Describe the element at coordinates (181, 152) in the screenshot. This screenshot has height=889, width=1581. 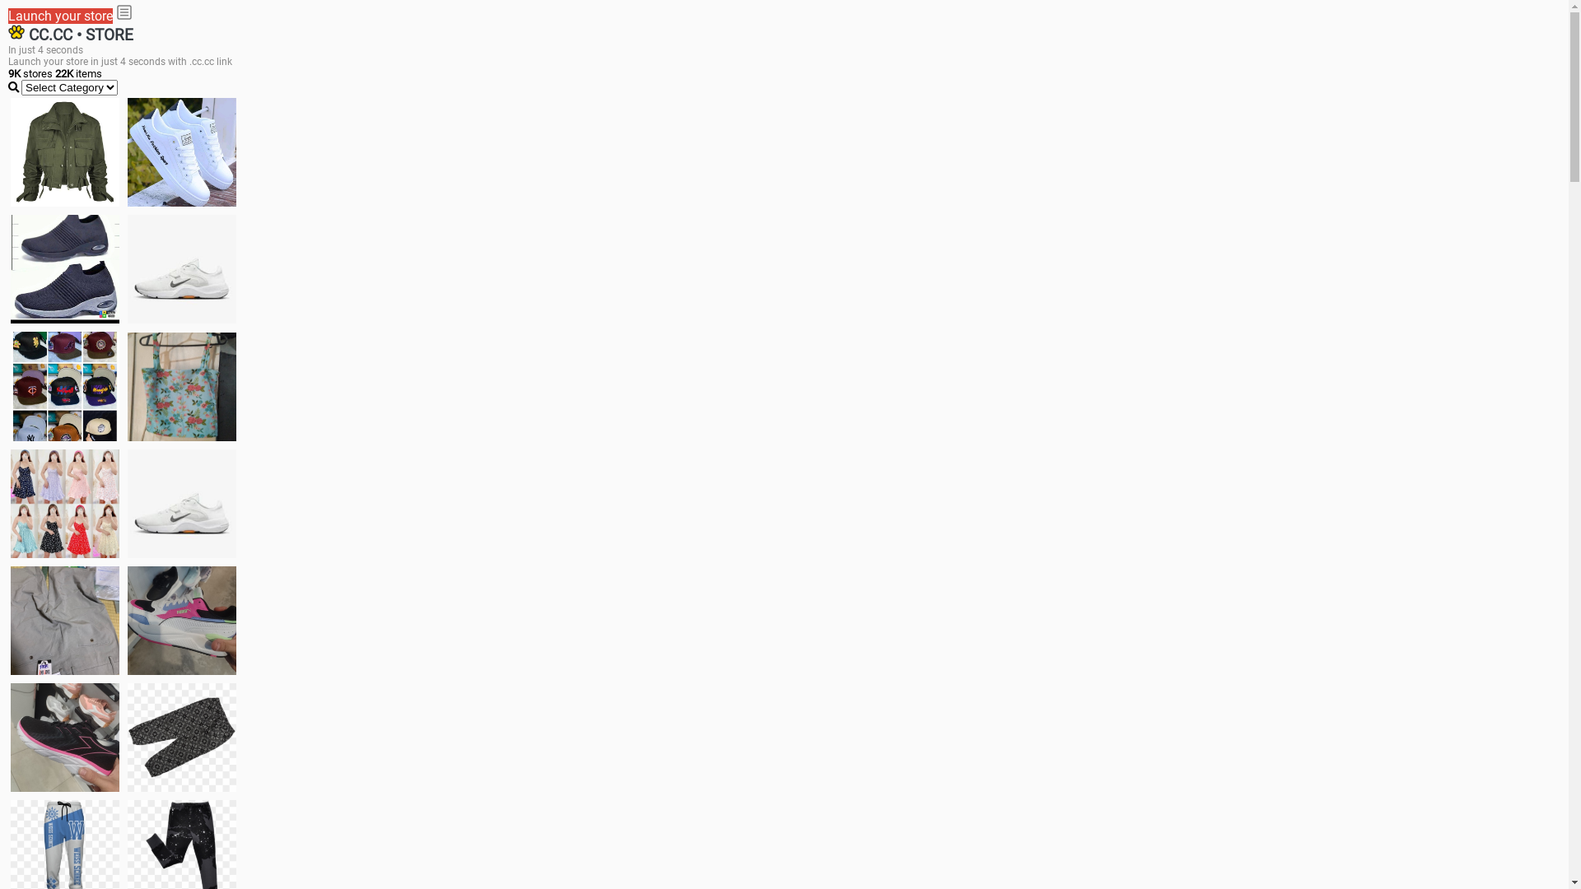
I see `'white shoes'` at that location.